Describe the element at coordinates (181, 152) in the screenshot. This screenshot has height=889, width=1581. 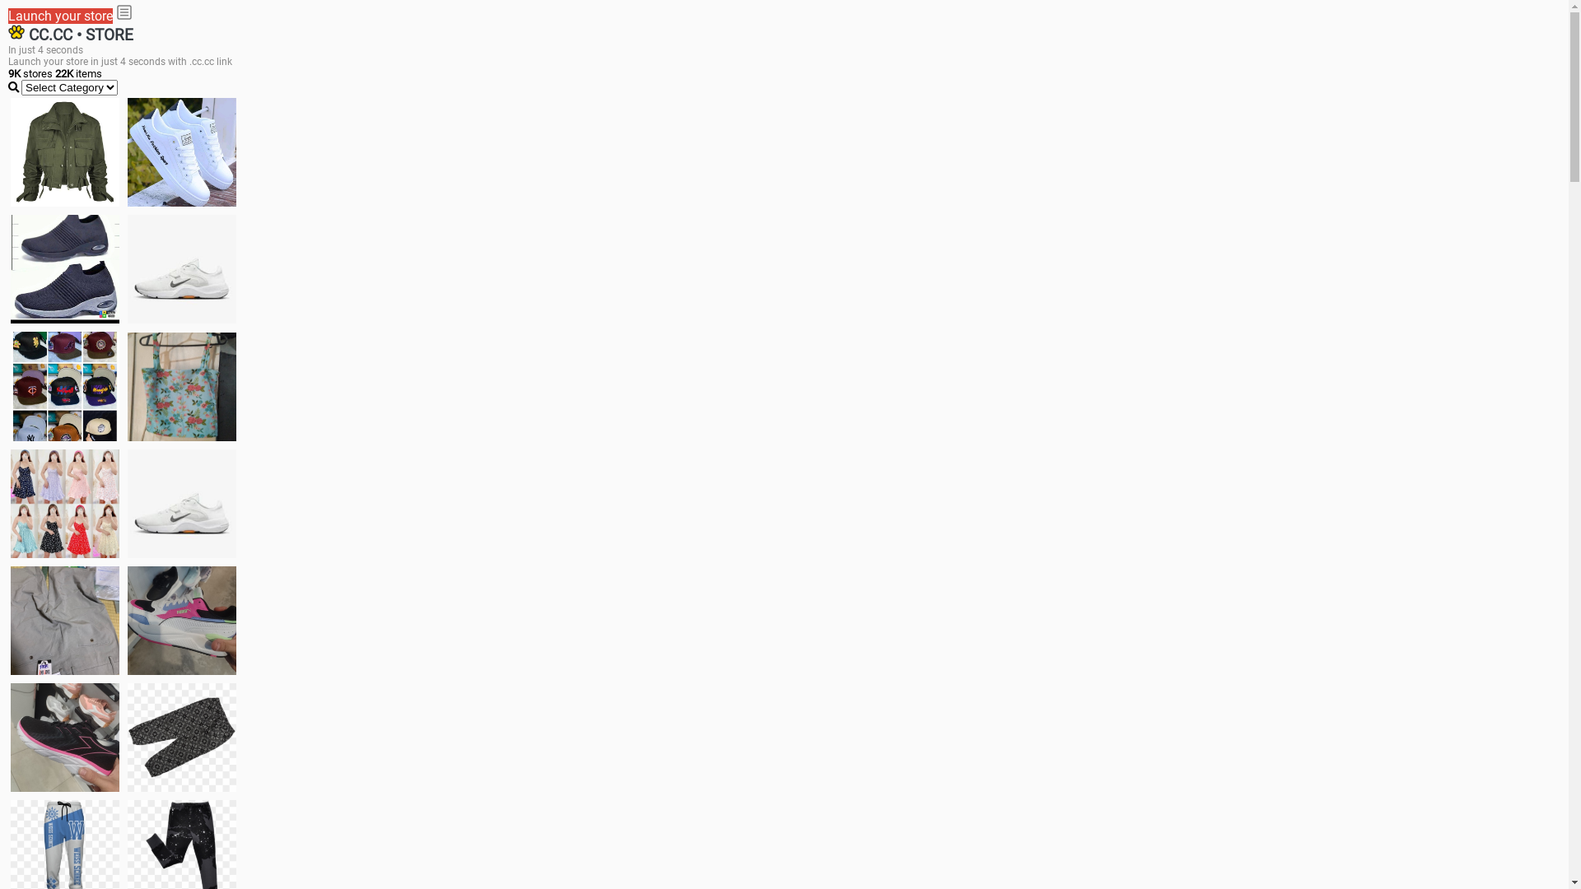
I see `'white shoes'` at that location.